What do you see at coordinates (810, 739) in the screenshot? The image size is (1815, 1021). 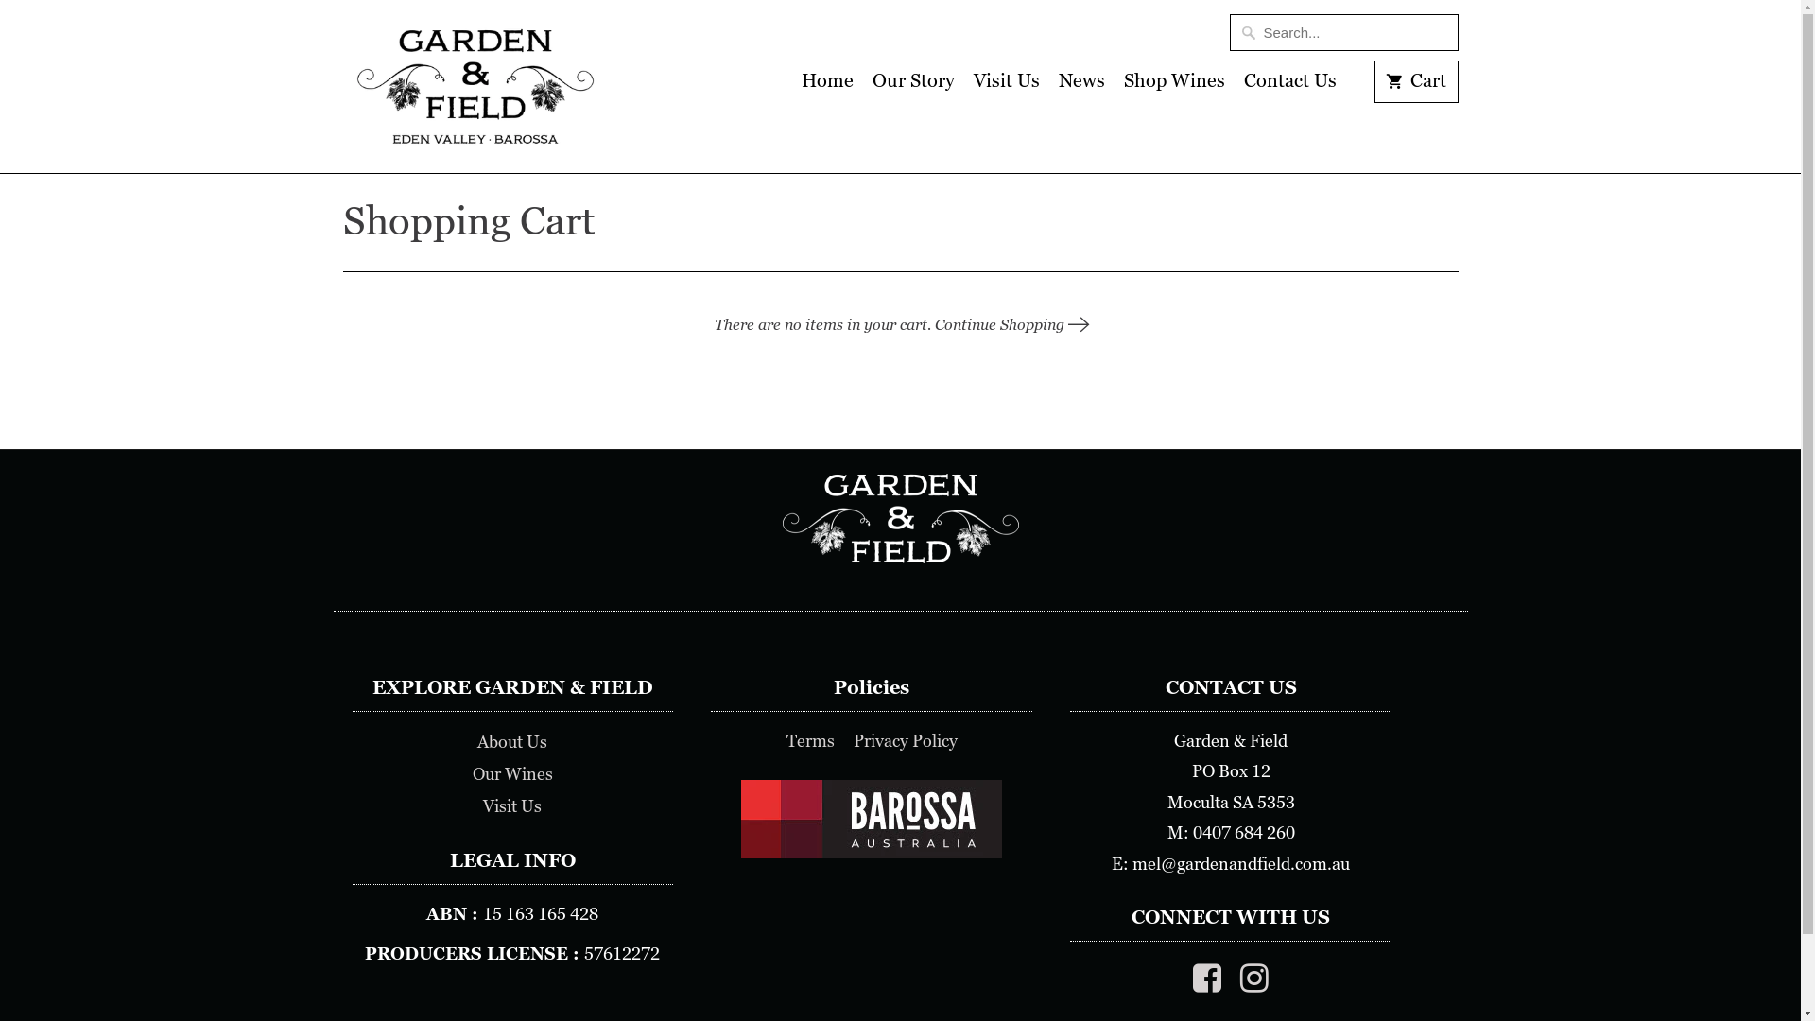 I see `'Terms'` at bounding box center [810, 739].